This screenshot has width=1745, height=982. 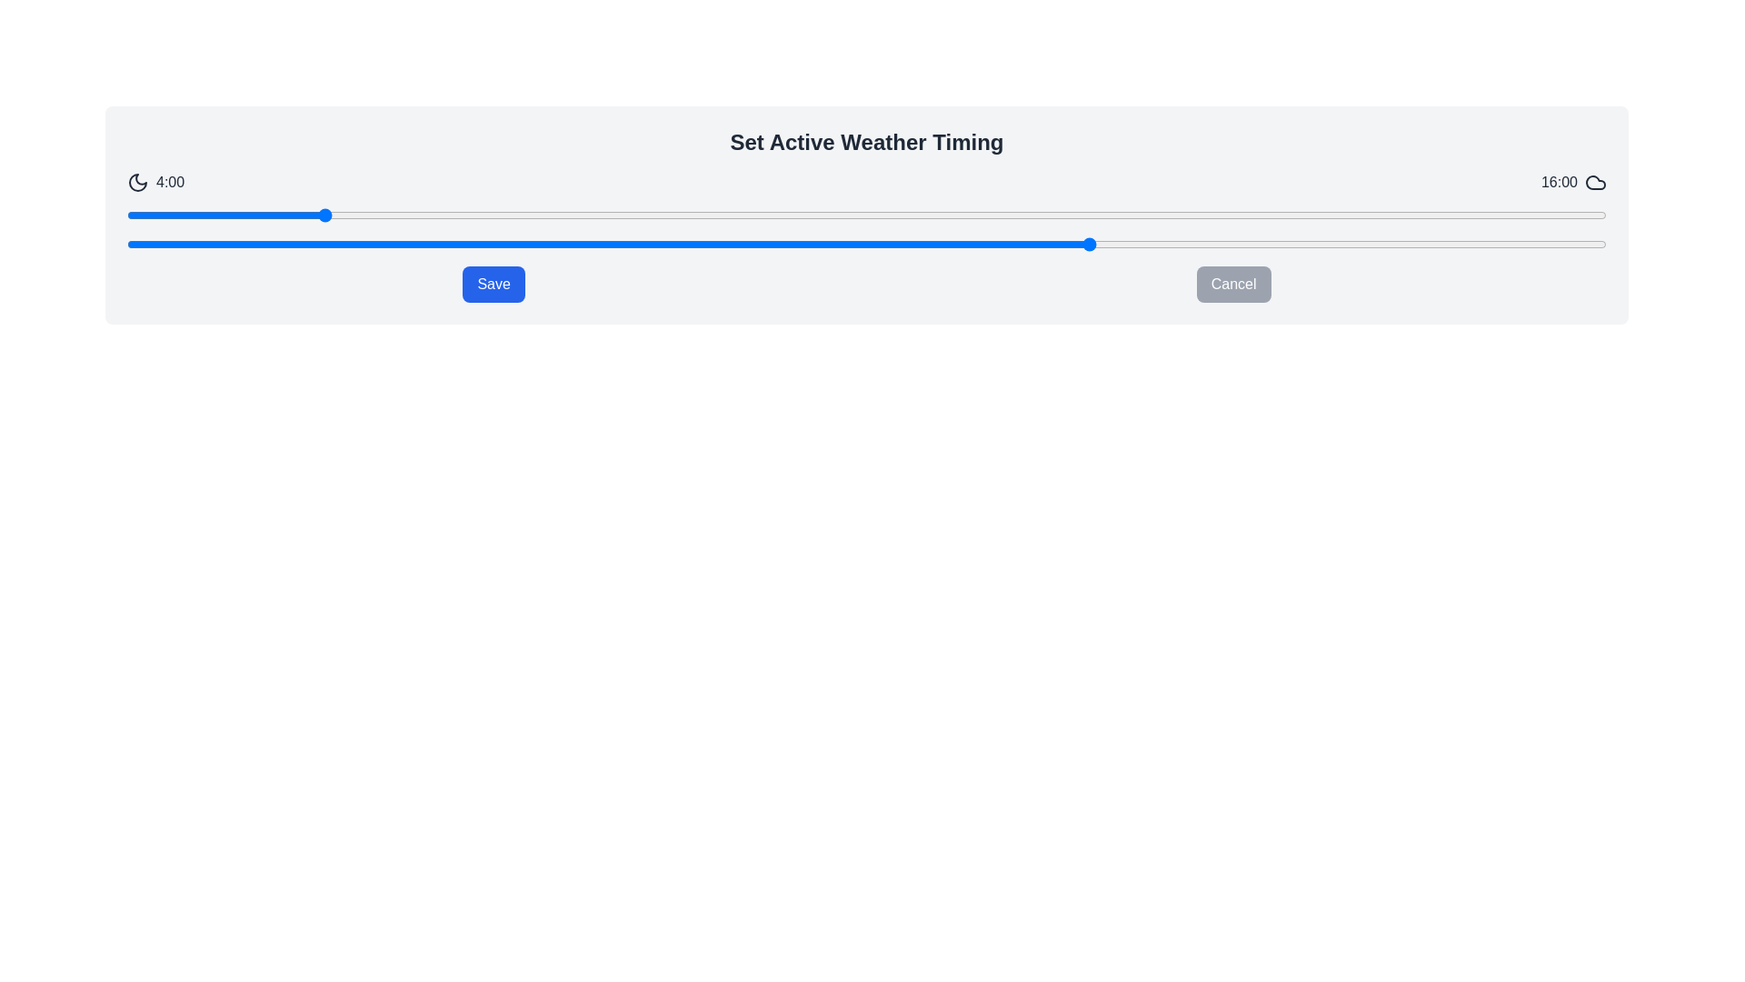 I want to click on the slider, so click(x=384, y=244).